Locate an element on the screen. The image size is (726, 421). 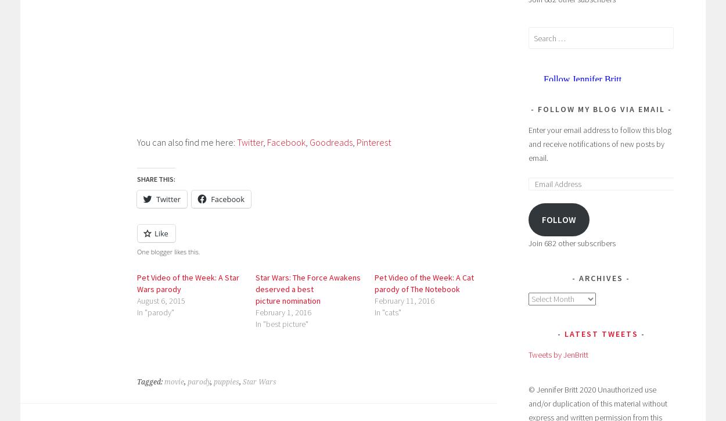
'movie' is located at coordinates (174, 382).